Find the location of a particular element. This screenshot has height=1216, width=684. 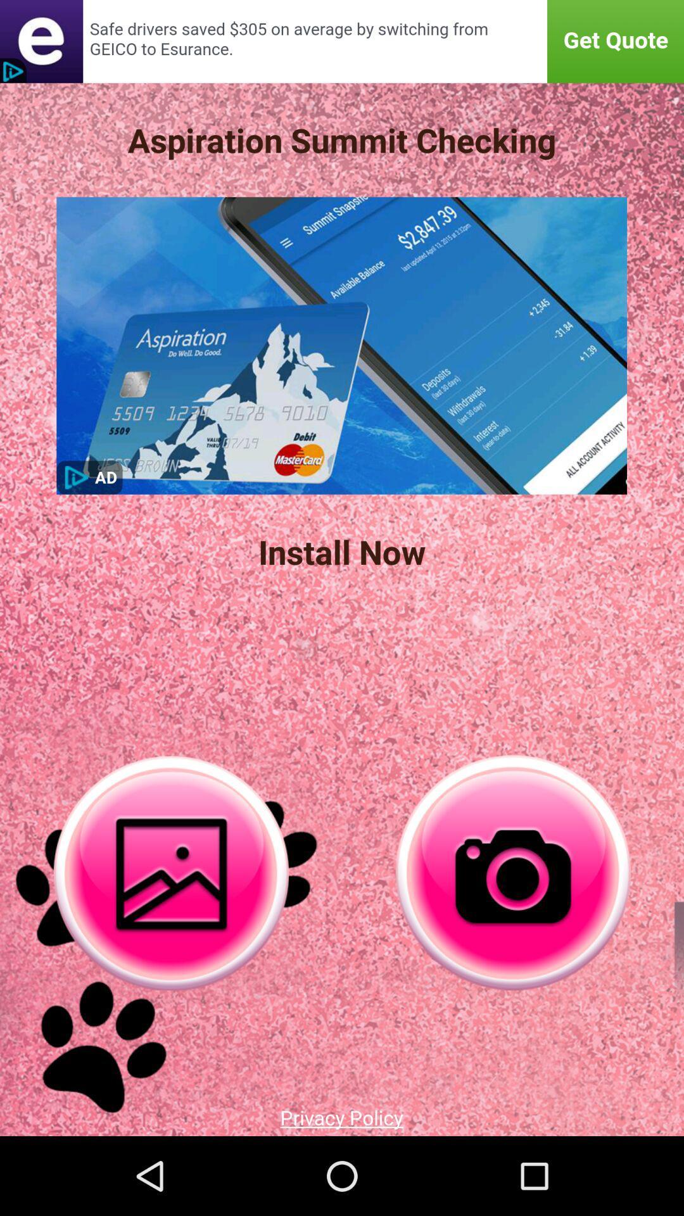

camera is located at coordinates (513, 872).